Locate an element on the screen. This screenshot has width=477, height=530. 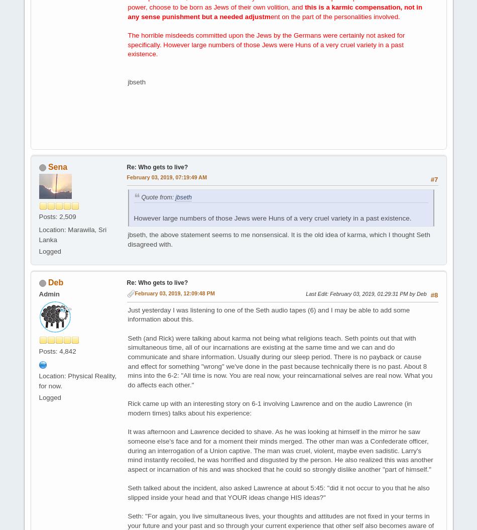
'#7' is located at coordinates (433, 179).